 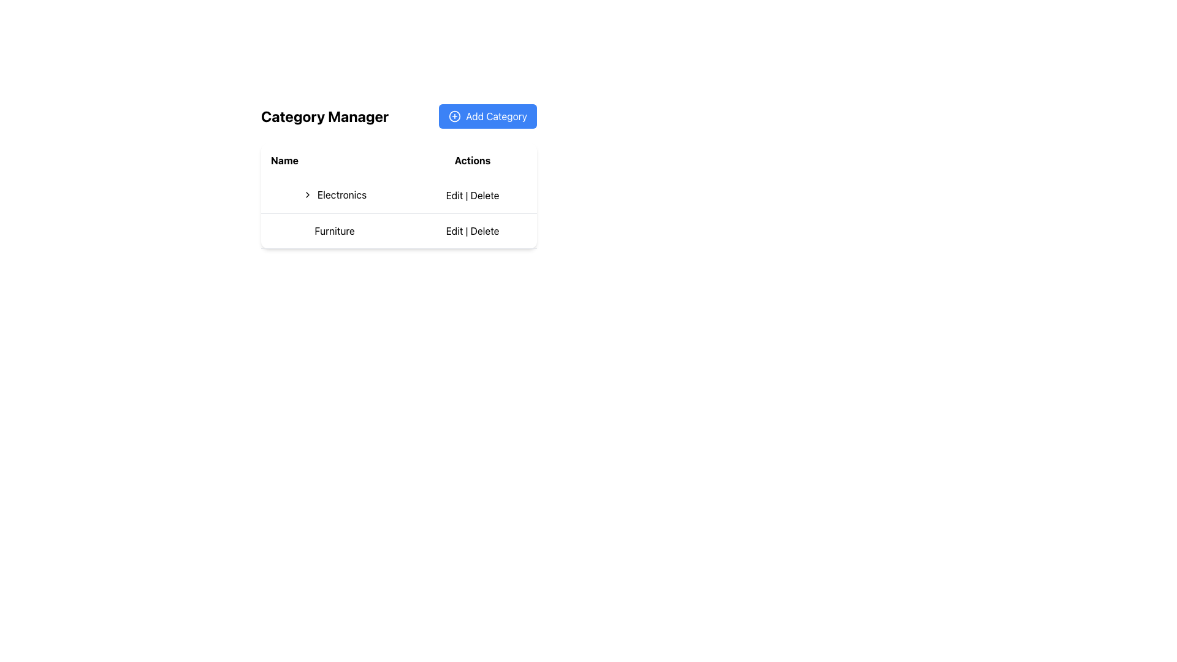 What do you see at coordinates (472, 160) in the screenshot?
I see `the 'Actions' header label in the second column of the table, which indicates the purpose of the column and is aligned with the 'Name' column header to its left` at bounding box center [472, 160].